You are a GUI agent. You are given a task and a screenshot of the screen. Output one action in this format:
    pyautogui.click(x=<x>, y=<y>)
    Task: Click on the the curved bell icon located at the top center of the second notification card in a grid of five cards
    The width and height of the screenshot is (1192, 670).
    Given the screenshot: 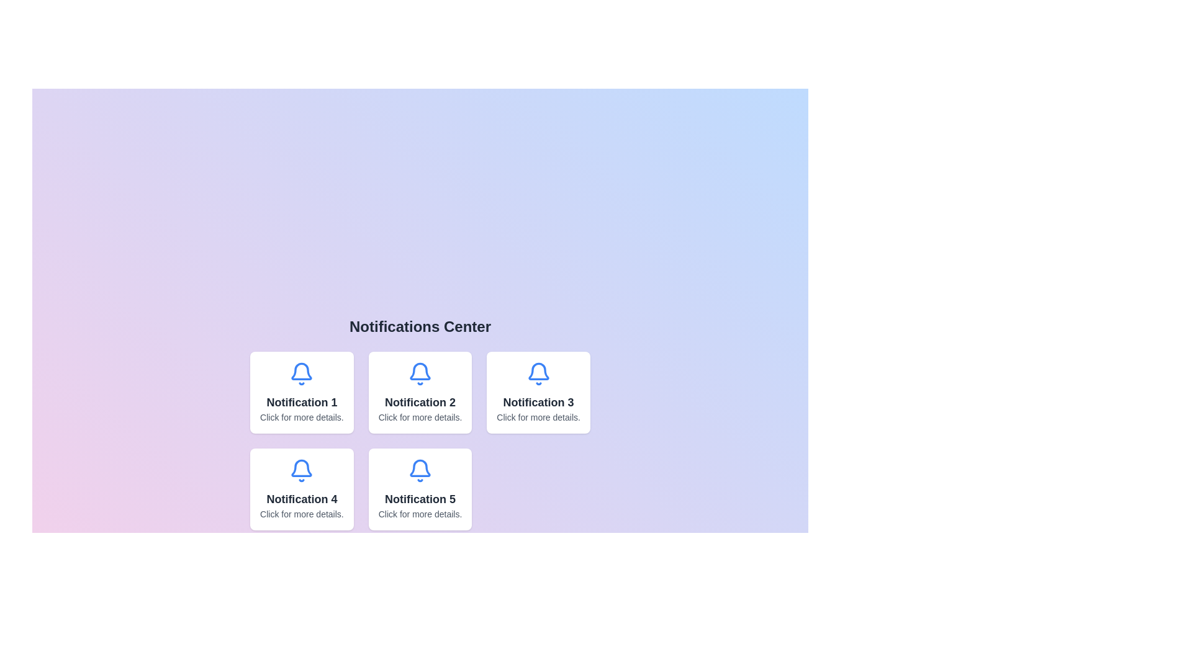 What is the action you would take?
    pyautogui.click(x=420, y=370)
    